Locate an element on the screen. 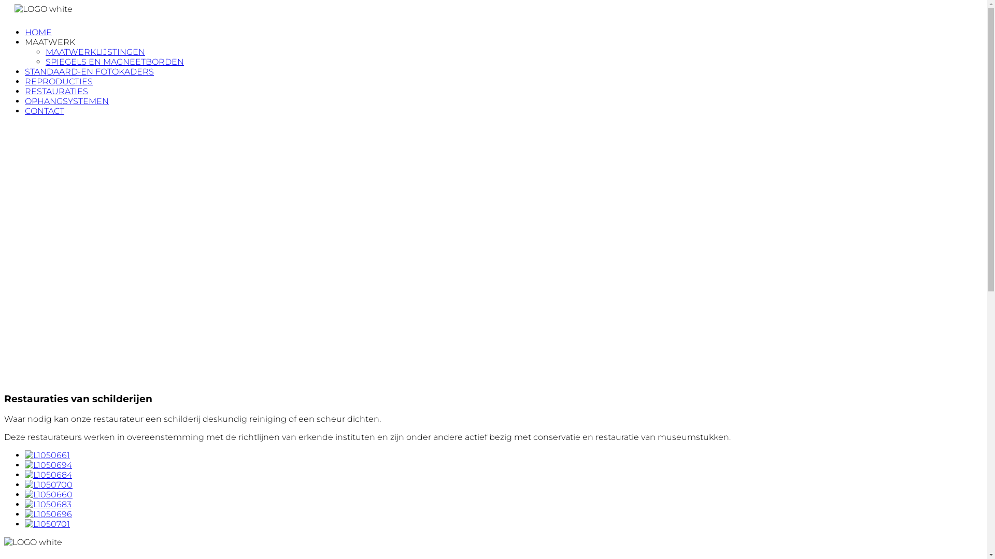 Image resolution: width=995 pixels, height=559 pixels. 'L1050660' is located at coordinates (48, 494).